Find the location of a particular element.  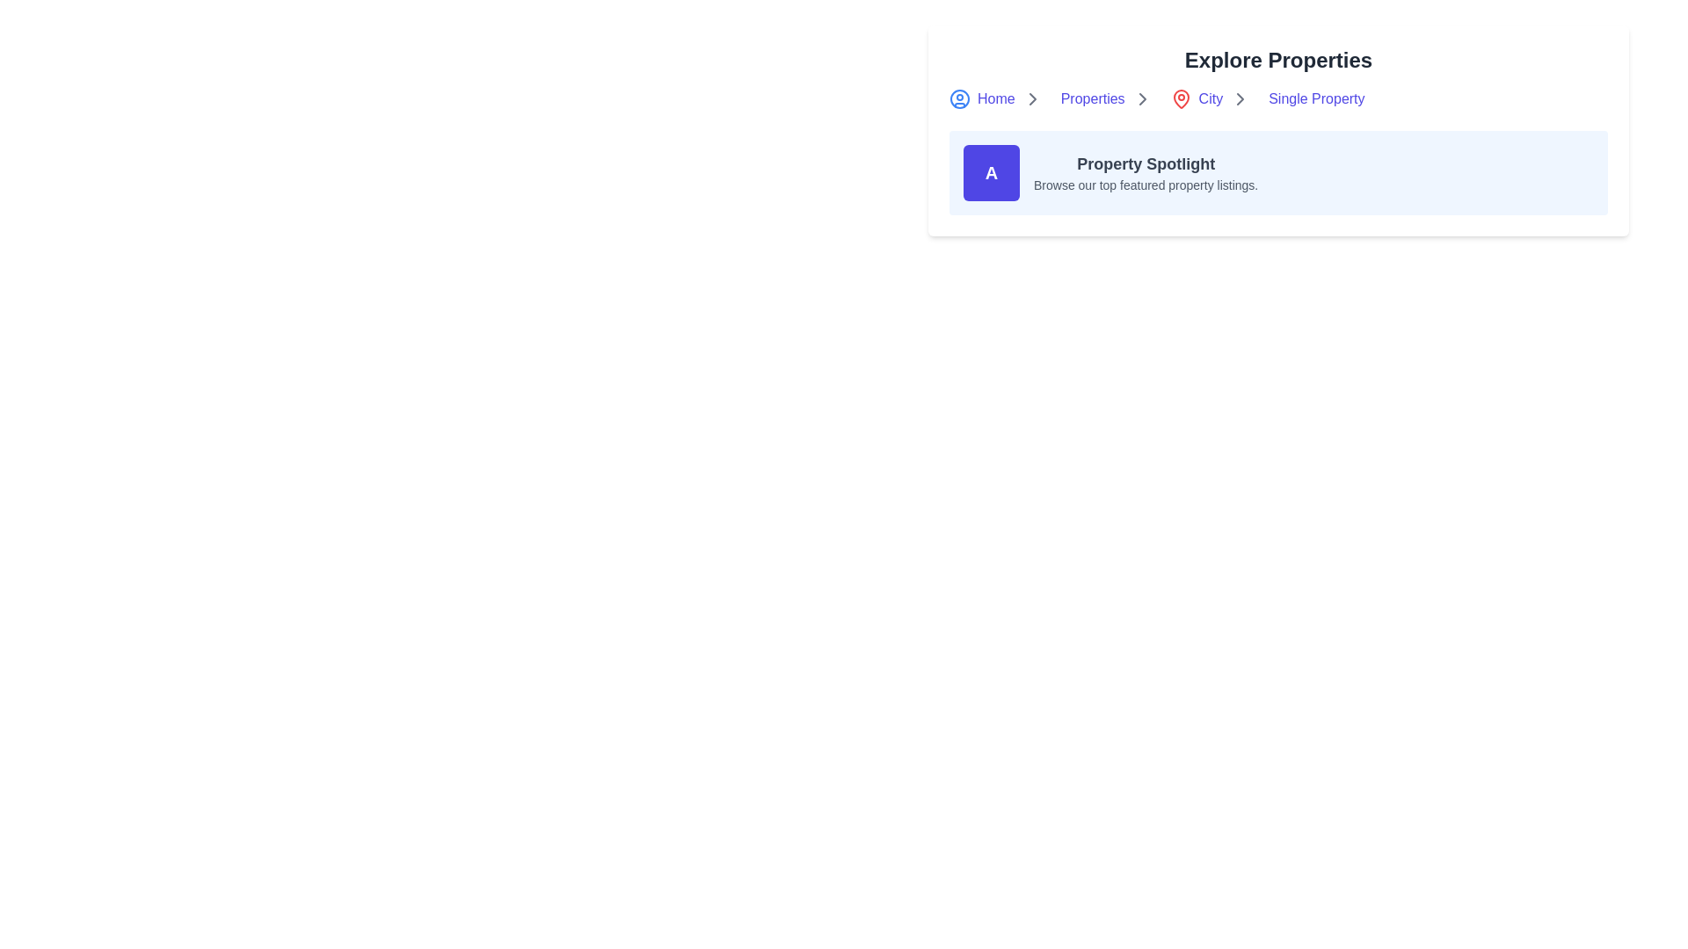

the header text element that introduces the content below, located at the top-center of the section is located at coordinates (1278, 60).